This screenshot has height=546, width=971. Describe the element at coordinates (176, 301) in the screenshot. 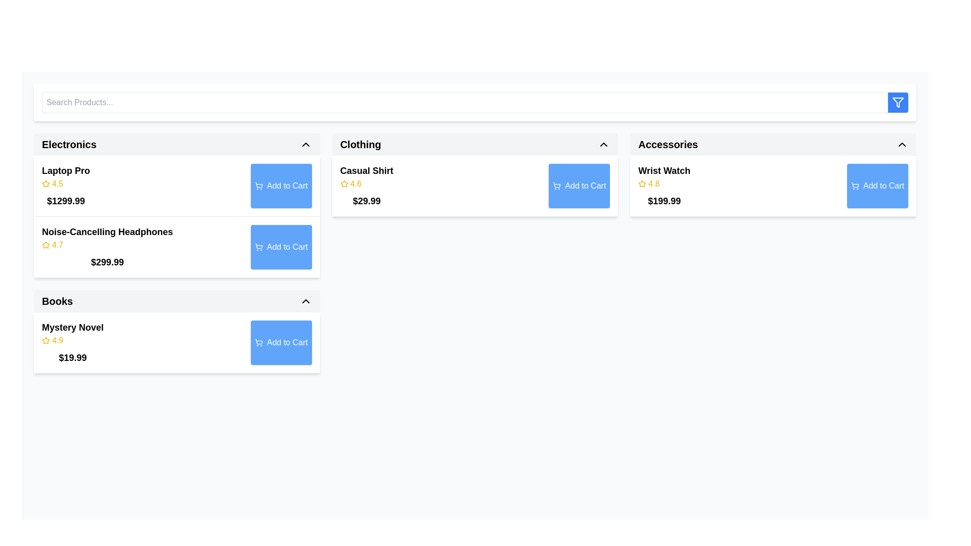

I see `the 'Books' button with bold, extra-large font and an upward-pointing arrow` at that location.